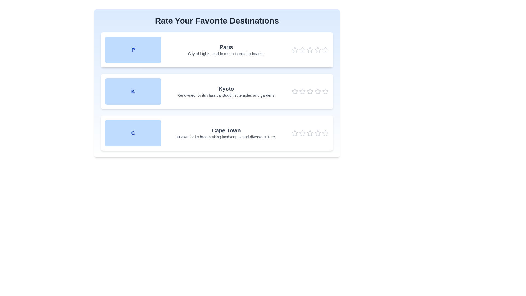 This screenshot has width=526, height=296. What do you see at coordinates (318, 91) in the screenshot?
I see `the fourth star icon in the rating section for 'Kyoto', which is styled with a gray color and outlined design` at bounding box center [318, 91].